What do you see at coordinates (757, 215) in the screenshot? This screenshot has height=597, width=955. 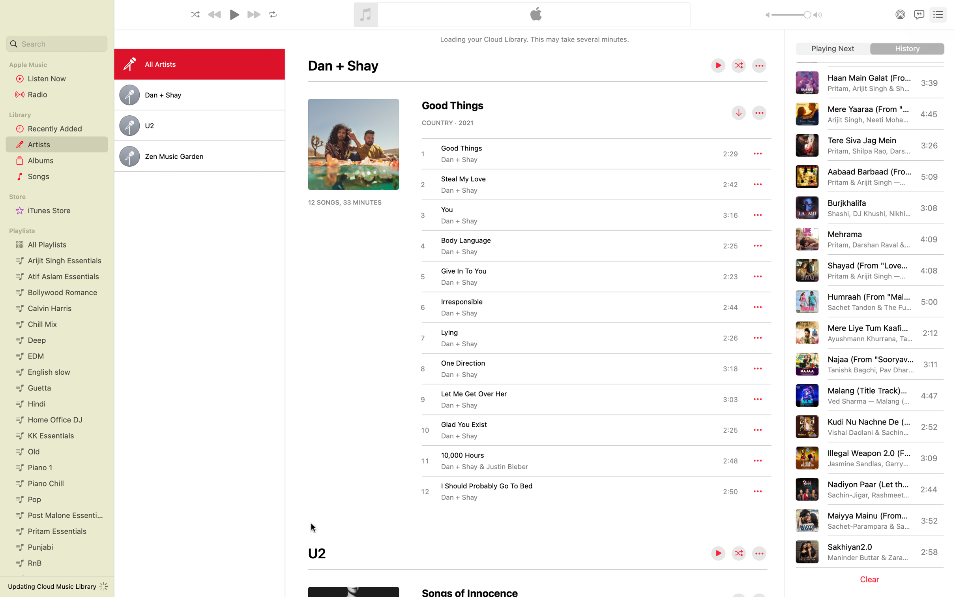 I see `the additional options of the song "You` at bounding box center [757, 215].